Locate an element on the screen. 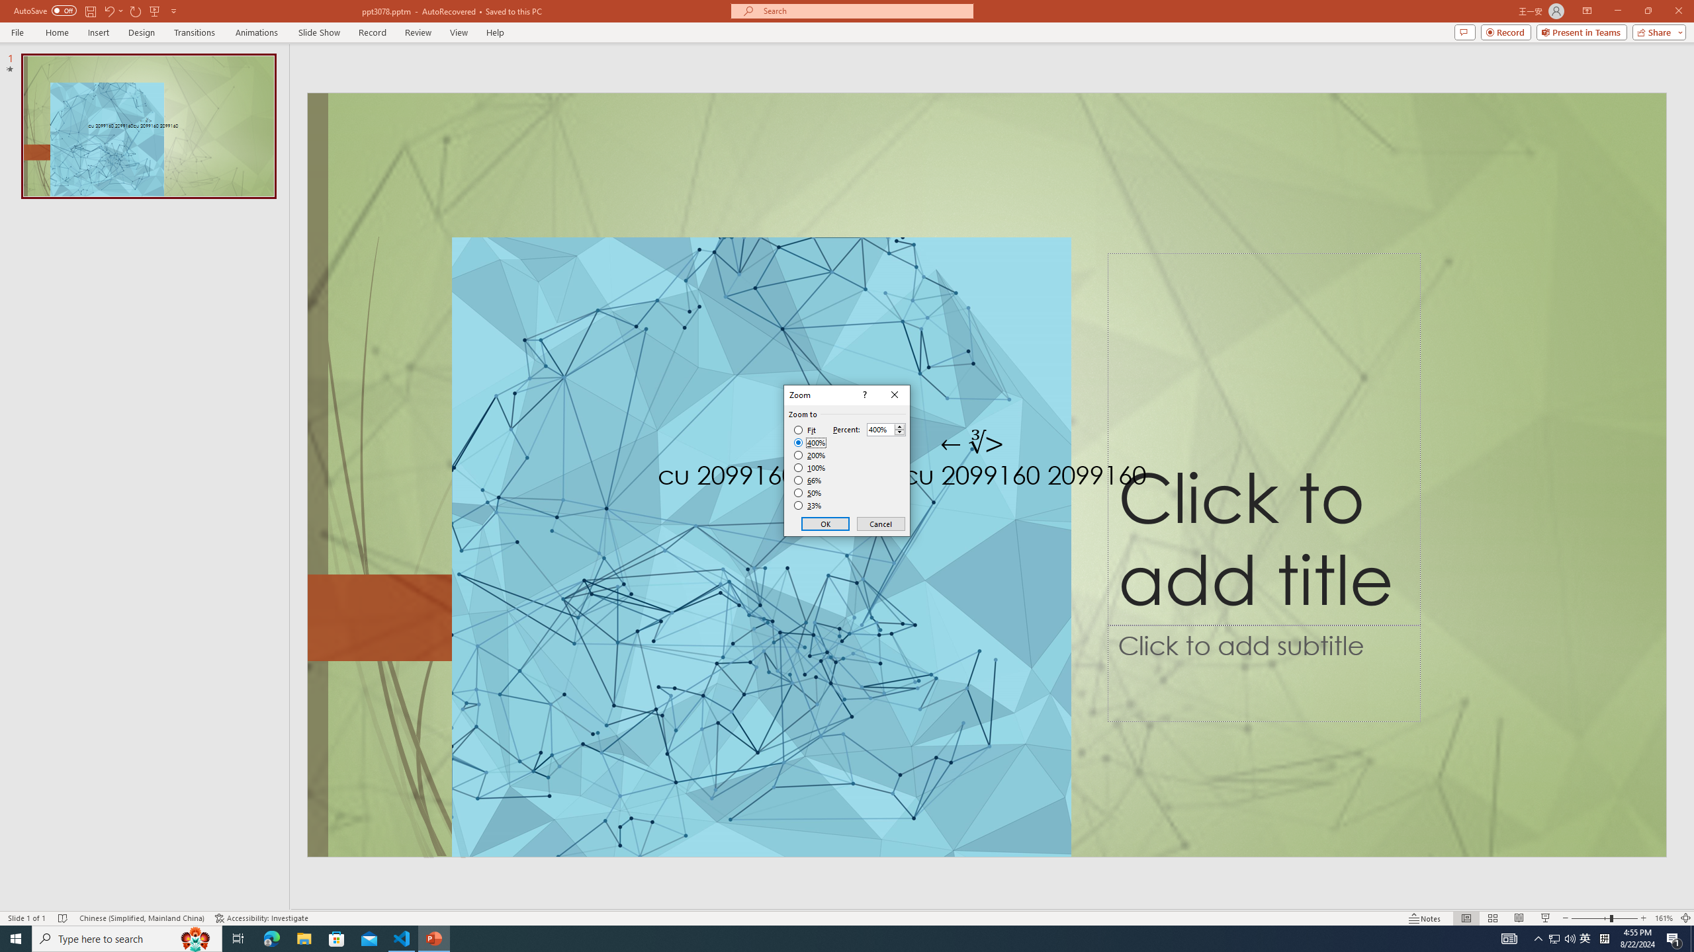  'Zoom 161%' is located at coordinates (1664, 918).